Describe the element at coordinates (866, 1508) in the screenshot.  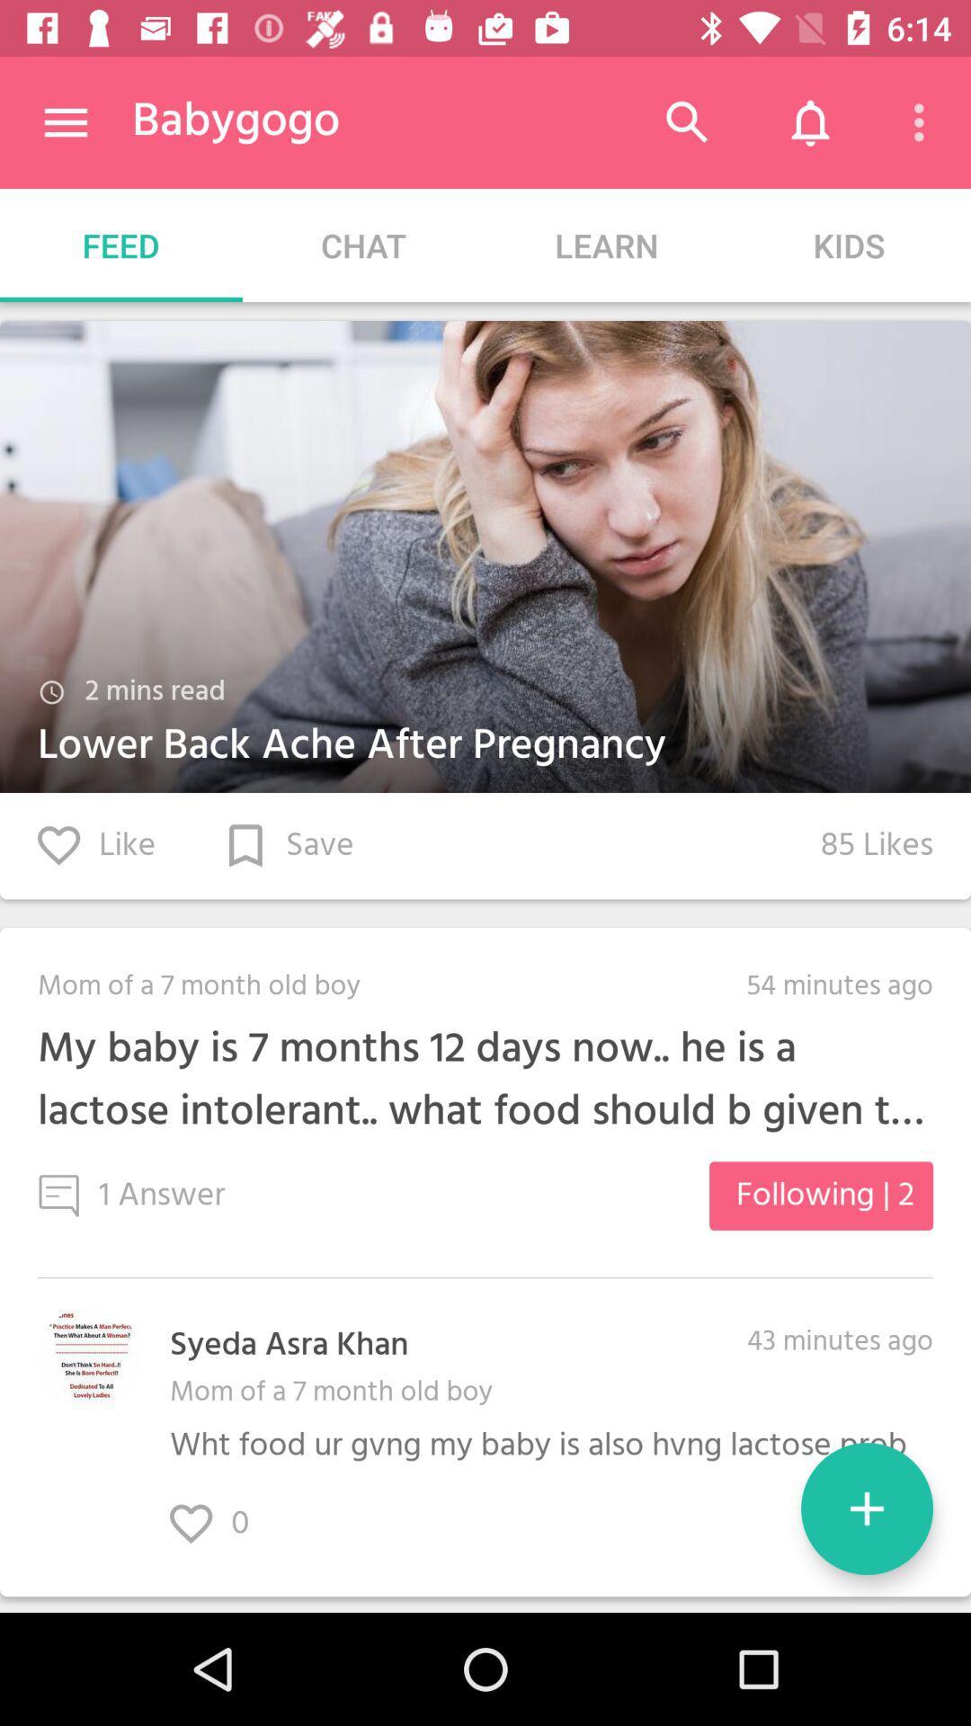
I see `item next to the 0` at that location.